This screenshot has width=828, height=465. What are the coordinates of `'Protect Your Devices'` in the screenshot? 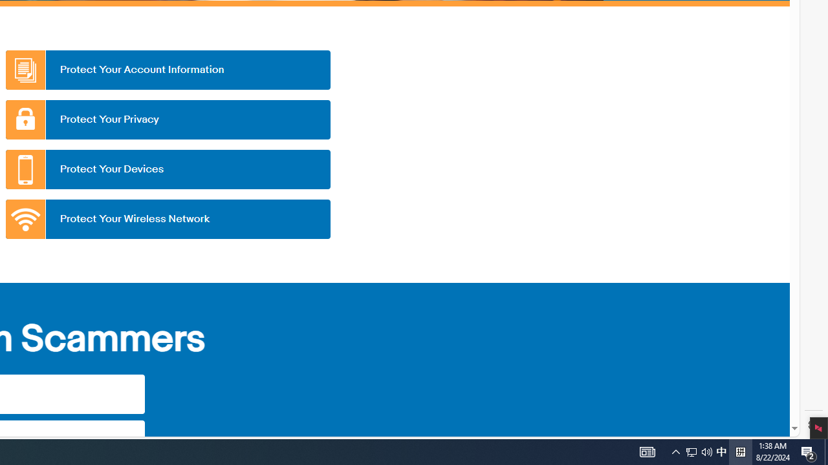 It's located at (167, 169).